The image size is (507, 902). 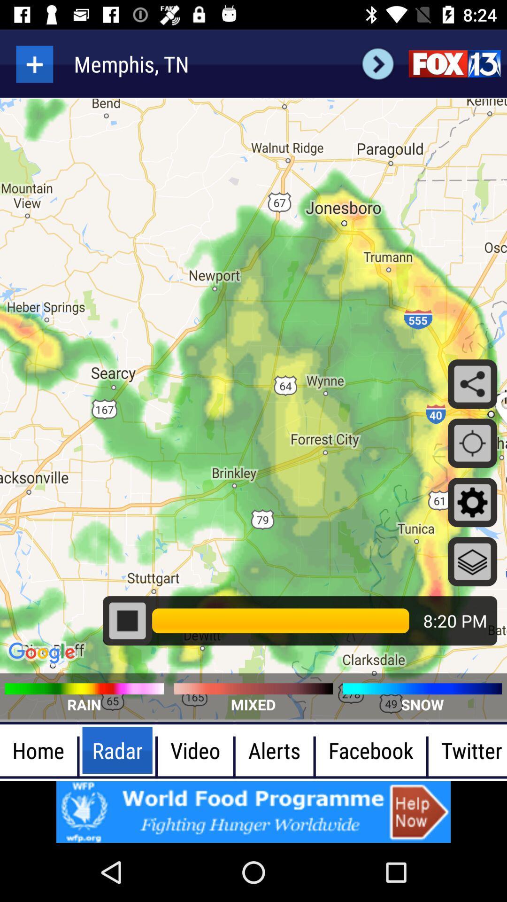 What do you see at coordinates (127, 621) in the screenshot?
I see `the checkbox on the web page` at bounding box center [127, 621].